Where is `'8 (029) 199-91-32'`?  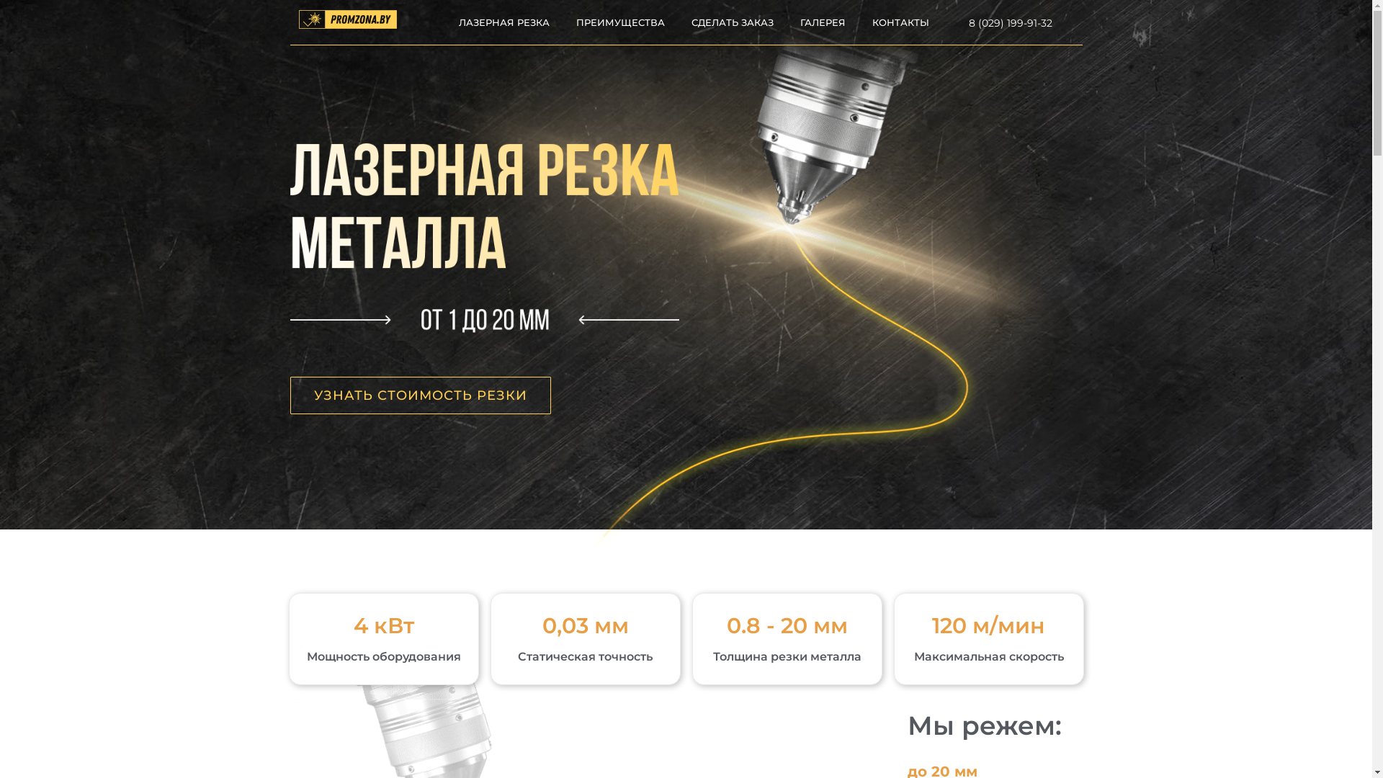
'8 (029) 199-91-32' is located at coordinates (968, 22).